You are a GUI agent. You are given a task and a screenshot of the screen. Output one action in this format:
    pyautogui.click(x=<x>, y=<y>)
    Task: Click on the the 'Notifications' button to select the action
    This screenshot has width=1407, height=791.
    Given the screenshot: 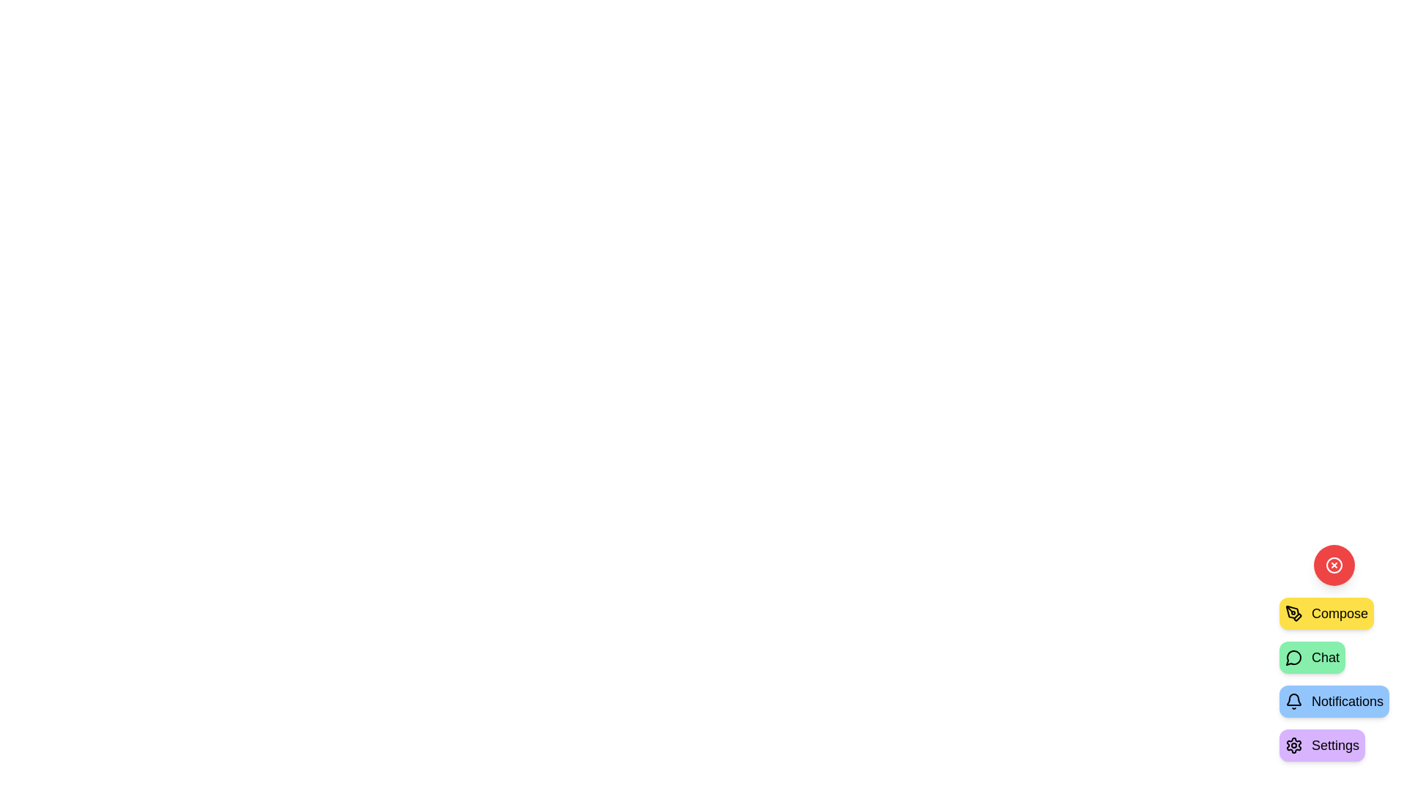 What is the action you would take?
    pyautogui.click(x=1334, y=700)
    